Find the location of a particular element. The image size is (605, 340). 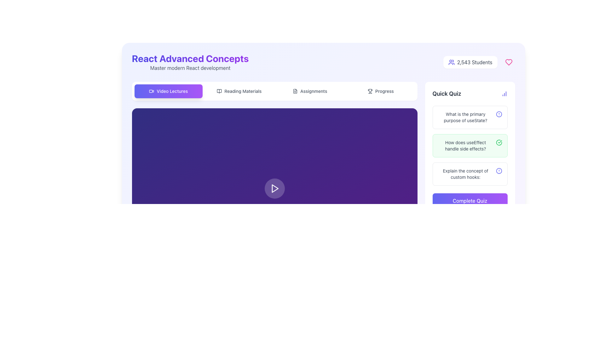

the icon depicting a group of people styled with a stroke design, located next to the '2,543 Students' text in the top right section of the interface is located at coordinates (451, 62).